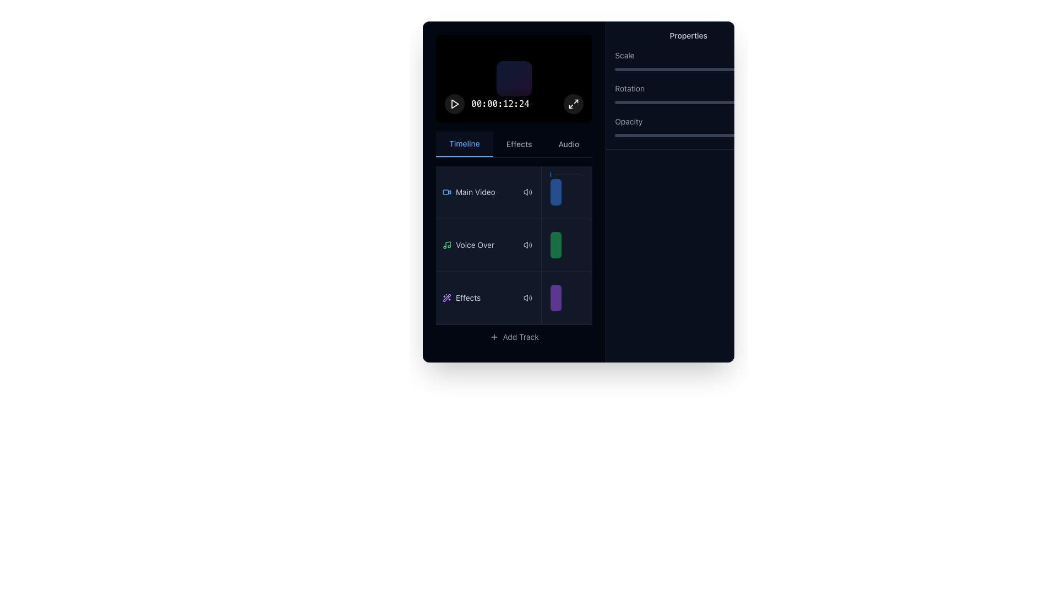 Image resolution: width=1057 pixels, height=595 pixels. I want to click on the text label displaying the time format '00:00:12:24' in the bottom bar of the video player interface, so click(514, 104).